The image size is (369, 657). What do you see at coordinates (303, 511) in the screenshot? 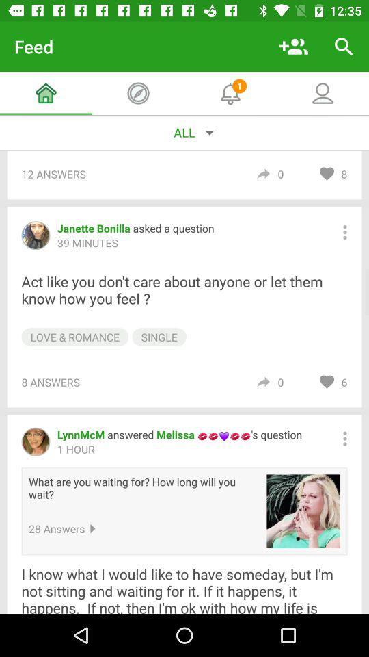
I see `link to something` at bounding box center [303, 511].